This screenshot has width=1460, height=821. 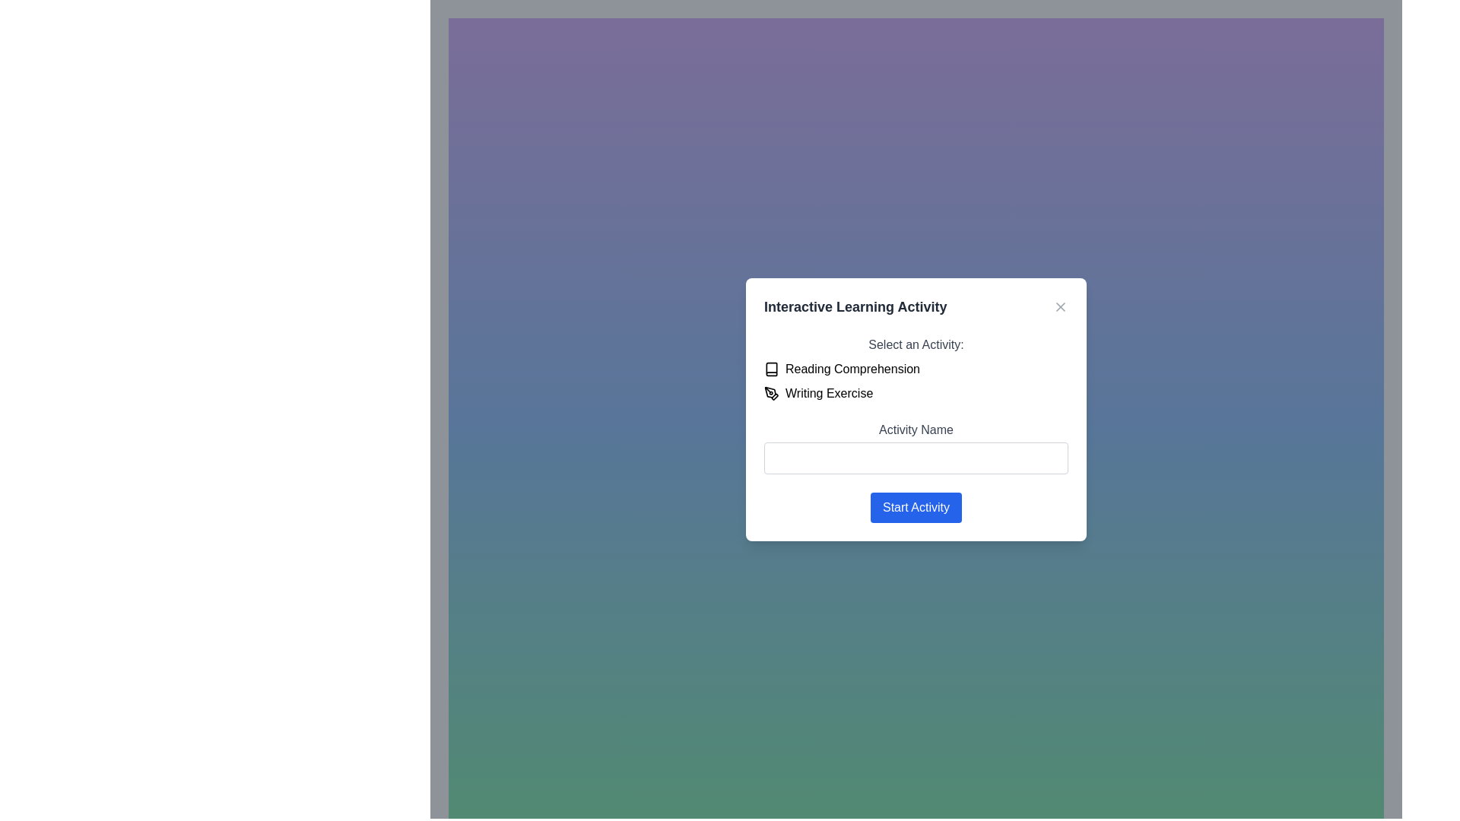 I want to click on the close button located at the top-right corner of the 'Interactive Learning Activity' modal, so click(x=1060, y=306).